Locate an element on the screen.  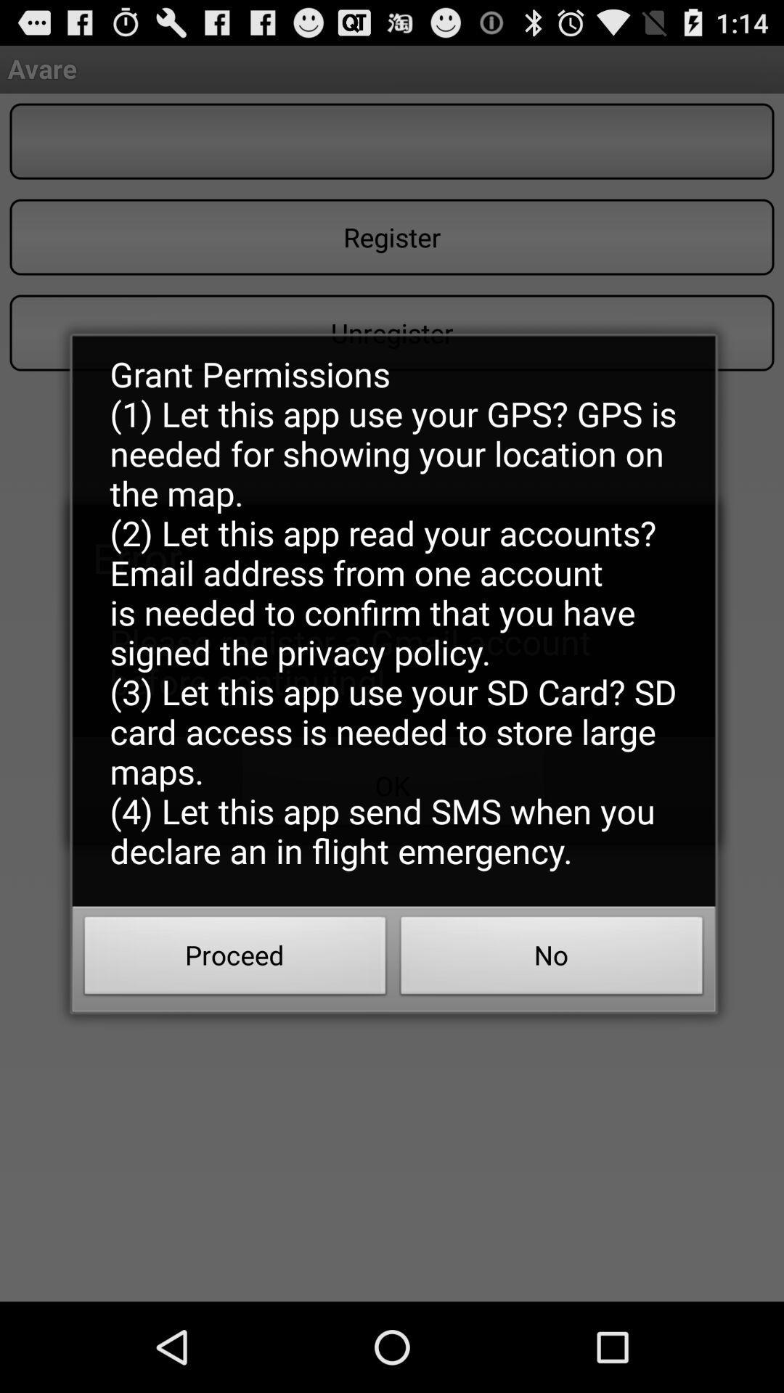
the no button is located at coordinates (552, 960).